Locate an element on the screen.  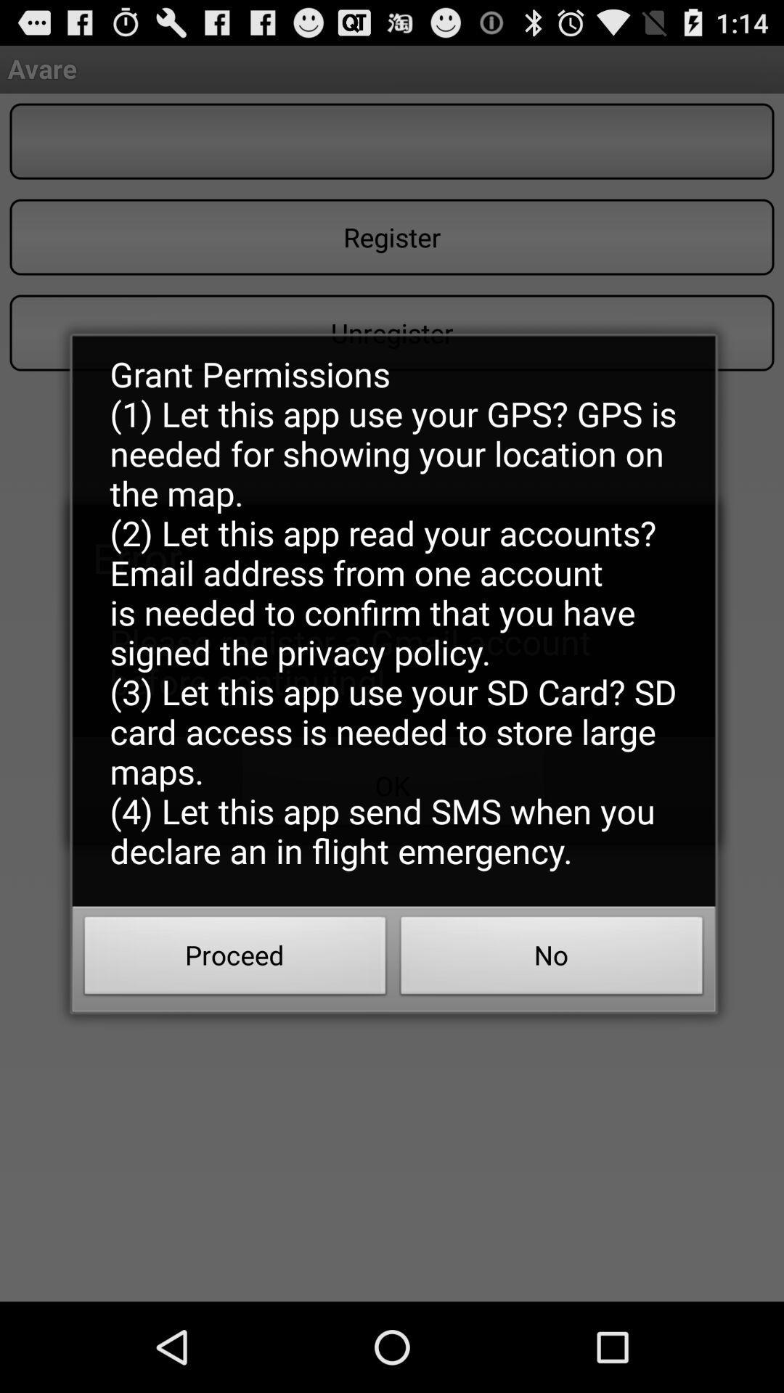
the no button is located at coordinates (552, 960).